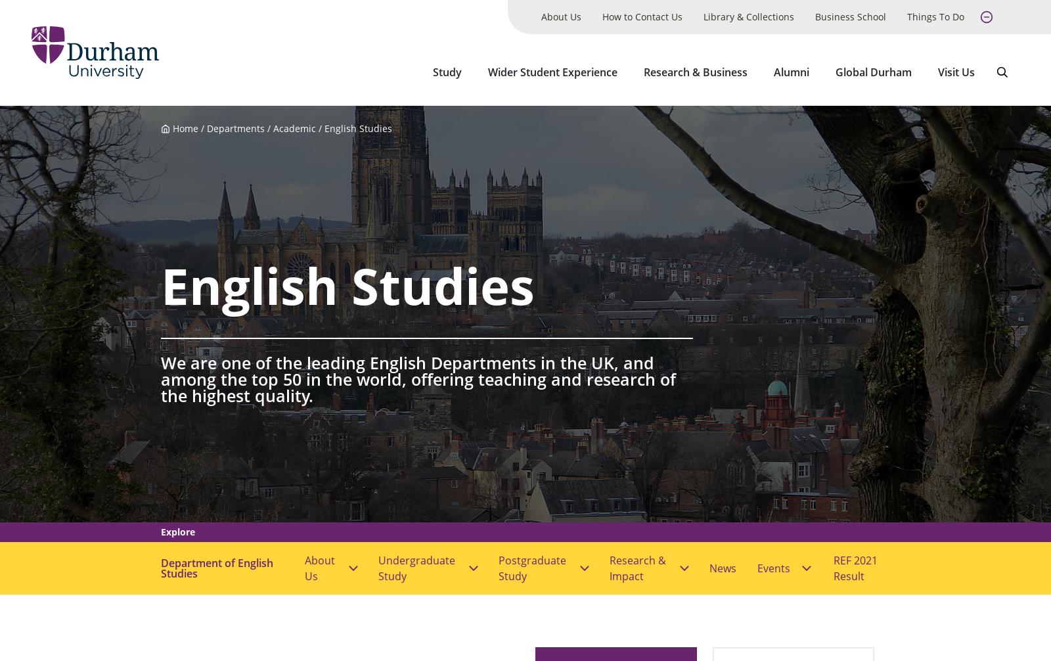  Describe the element at coordinates (239, 626) in the screenshot. I see `'Get in touch'` at that location.